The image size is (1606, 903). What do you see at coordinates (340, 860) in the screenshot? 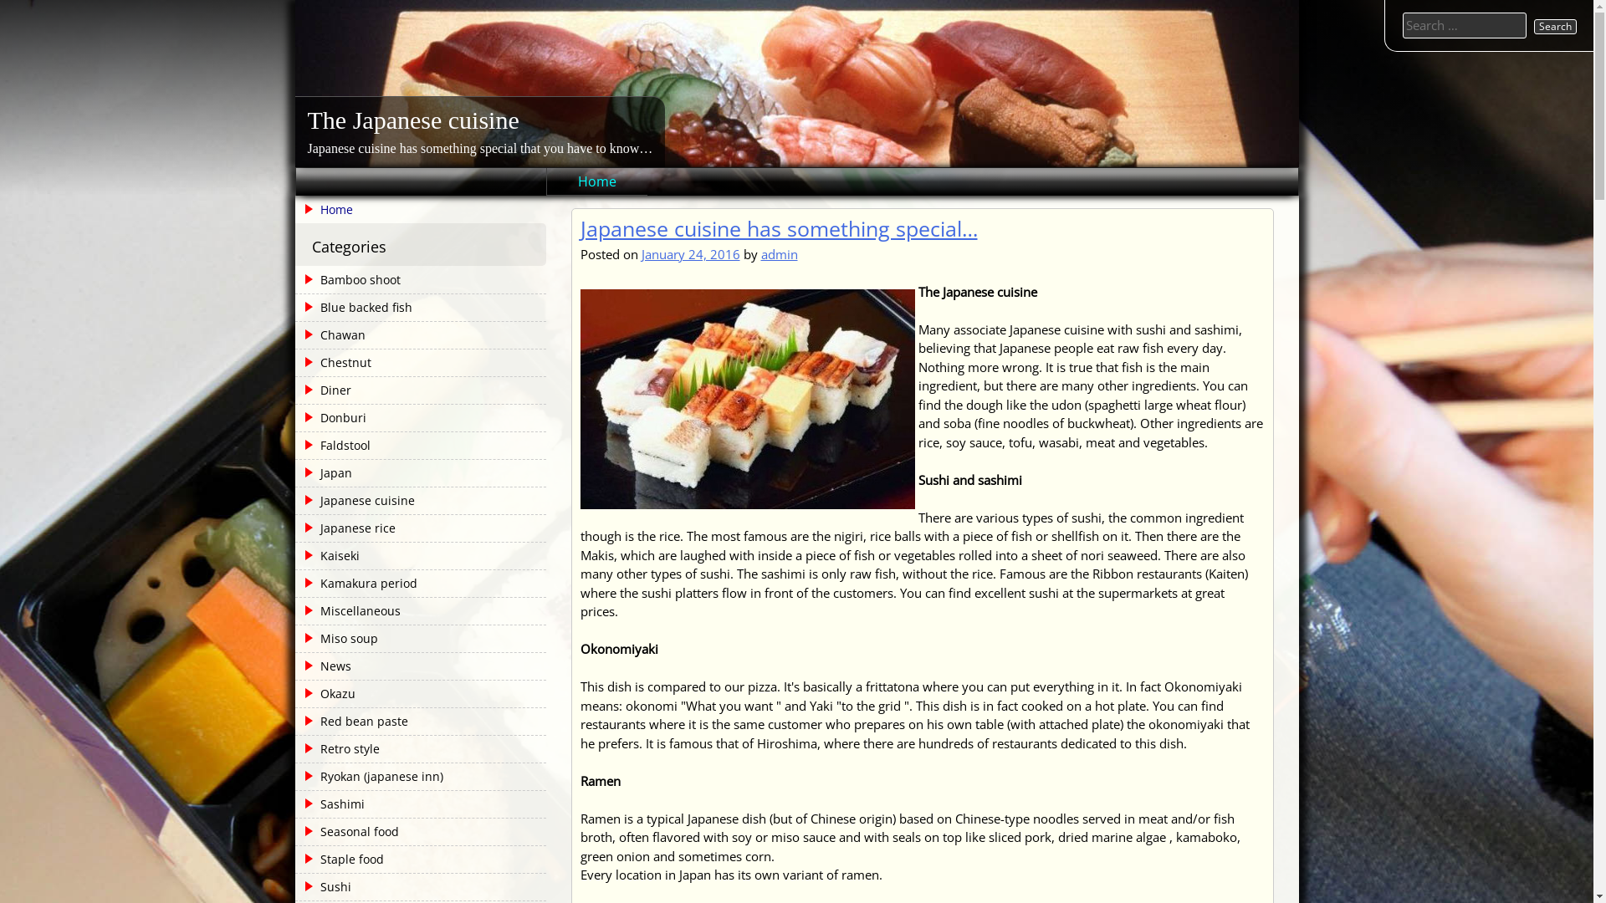
I see `'Staple food'` at bounding box center [340, 860].